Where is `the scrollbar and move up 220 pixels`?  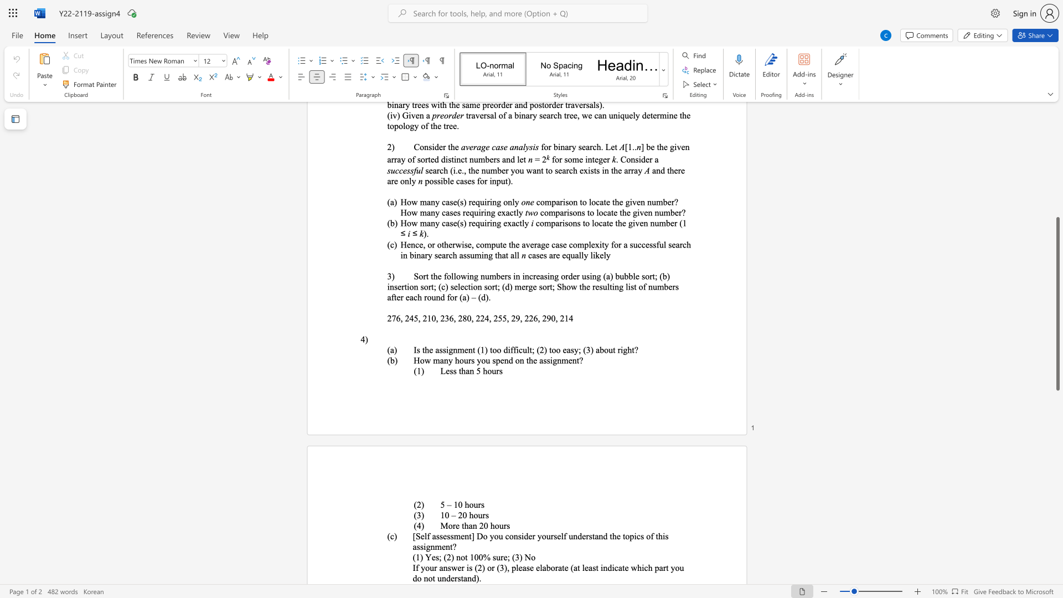 the scrollbar and move up 220 pixels is located at coordinates (1057, 303).